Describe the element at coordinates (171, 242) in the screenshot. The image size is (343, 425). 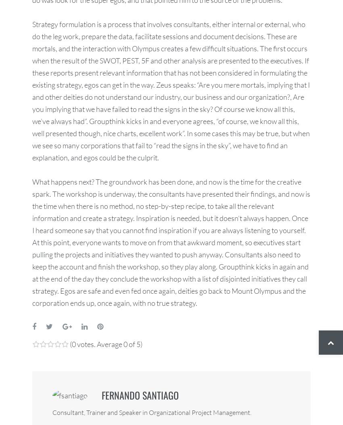
I see `'What happens next? The groundwork has been done, and now is the time for the creative spark. The workshop is underway, the consultants have presented their findings, and now is the time when there is no method, no step-by-step recipe, to take all the relevant information and create a strategy. Inspiration is needed, but it doesn’t always happen. Once I heard someone say that you cannot find inspiration if you are always listening to yourself. At this point, everyone wants to move on from that awkward moment, so executives start pulling the projects and initiatives they wanted to push anyway. Consultants also need to keep the account and finish the workshop, so they play along. Groupthink kicks in again and at the end of the day they conclude the workshop with a list of disjointed initiatives they call strategy. Egos are safe and even fed once again, deities go back to Mount Olympus and the corporation ends up, once again, with no true strategy.'` at that location.